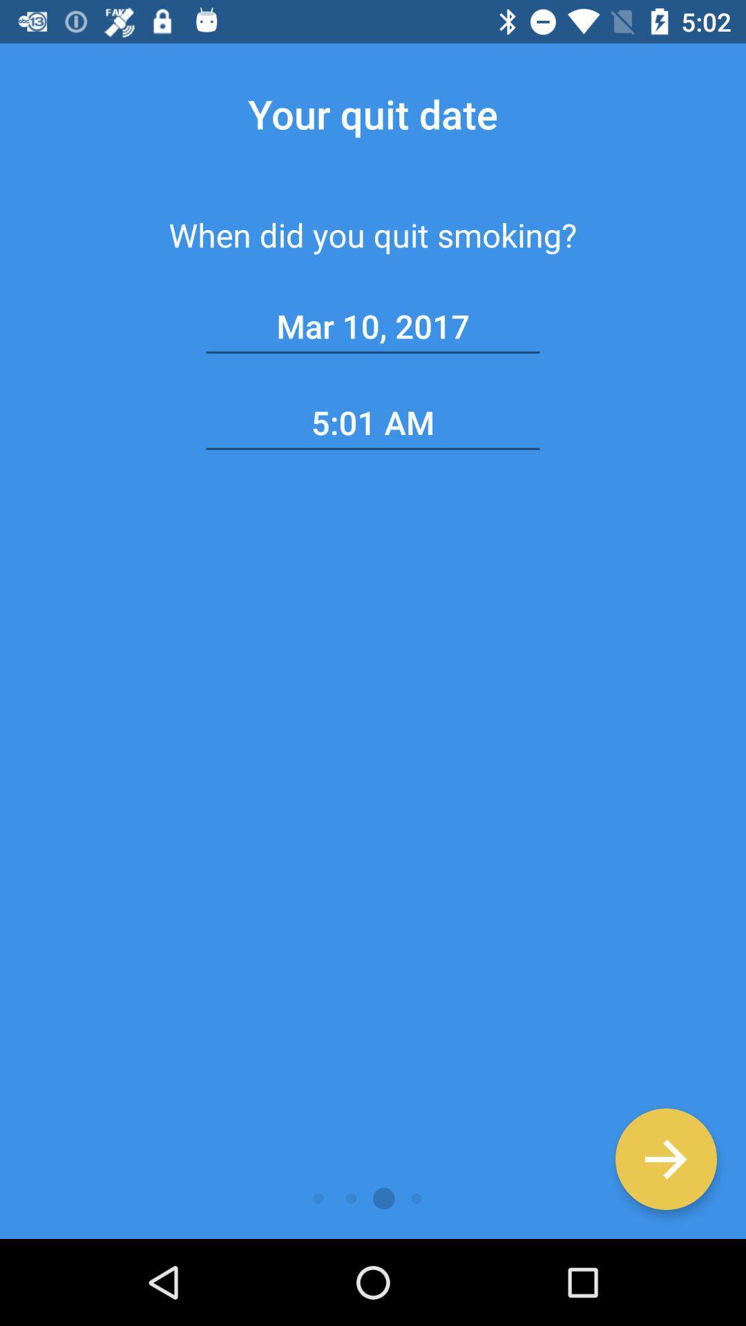  Describe the element at coordinates (665, 1159) in the screenshot. I see `go back` at that location.